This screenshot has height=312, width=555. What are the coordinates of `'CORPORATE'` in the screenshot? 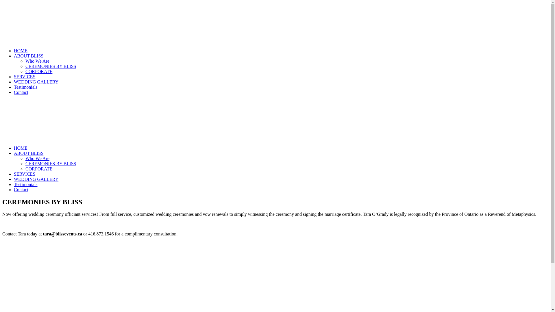 It's located at (25, 169).